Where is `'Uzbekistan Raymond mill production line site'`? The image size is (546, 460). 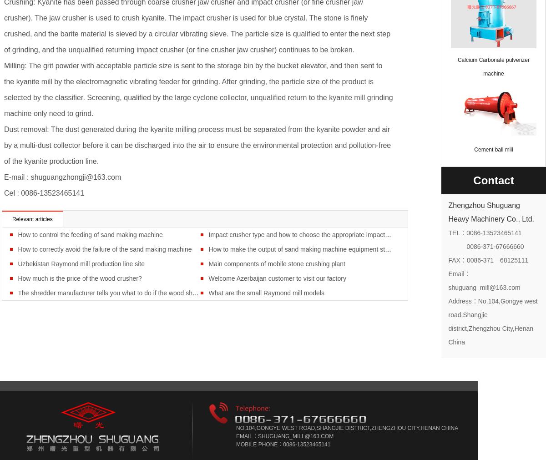 'Uzbekistan Raymond mill production line site' is located at coordinates (80, 263).